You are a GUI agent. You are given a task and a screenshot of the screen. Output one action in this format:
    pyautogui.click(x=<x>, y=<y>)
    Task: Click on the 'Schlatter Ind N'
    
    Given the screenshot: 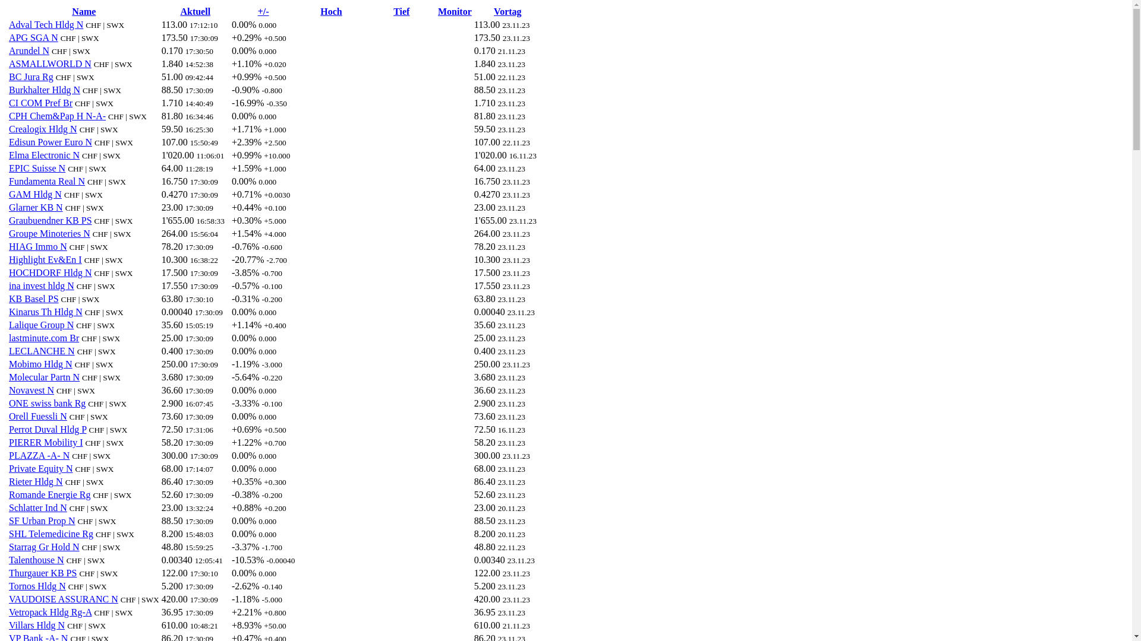 What is the action you would take?
    pyautogui.click(x=37, y=507)
    